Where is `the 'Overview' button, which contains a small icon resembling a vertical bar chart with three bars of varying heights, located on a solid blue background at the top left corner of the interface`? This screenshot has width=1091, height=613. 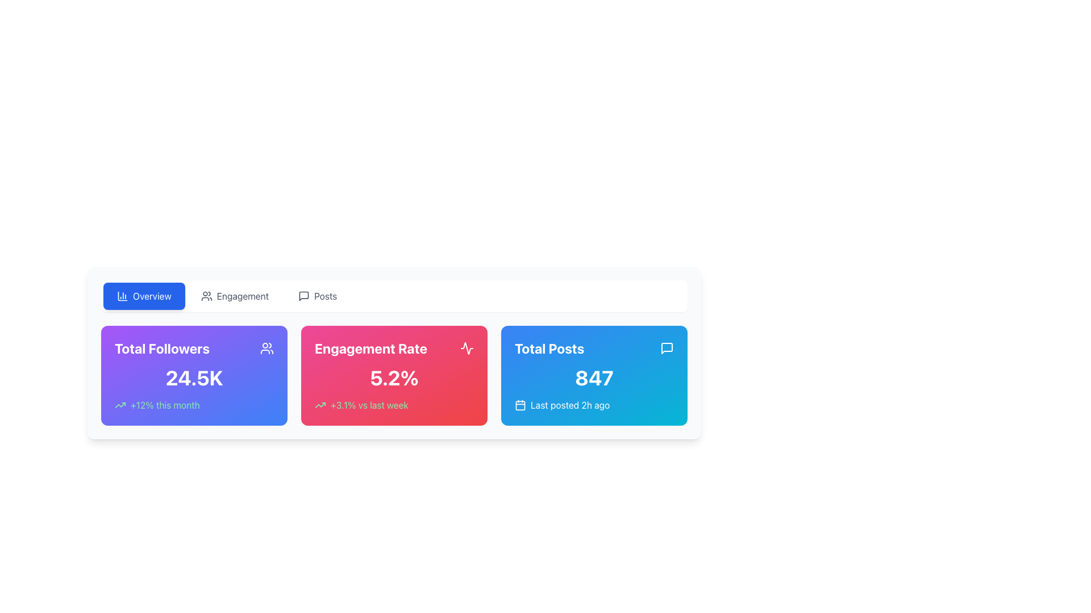
the 'Overview' button, which contains a small icon resembling a vertical bar chart with three bars of varying heights, located on a solid blue background at the top left corner of the interface is located at coordinates (123, 295).